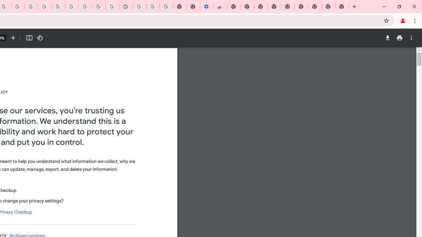 This screenshot has width=422, height=237. Describe the element at coordinates (206, 7) in the screenshot. I see `'Settings - Accessibility'` at that location.